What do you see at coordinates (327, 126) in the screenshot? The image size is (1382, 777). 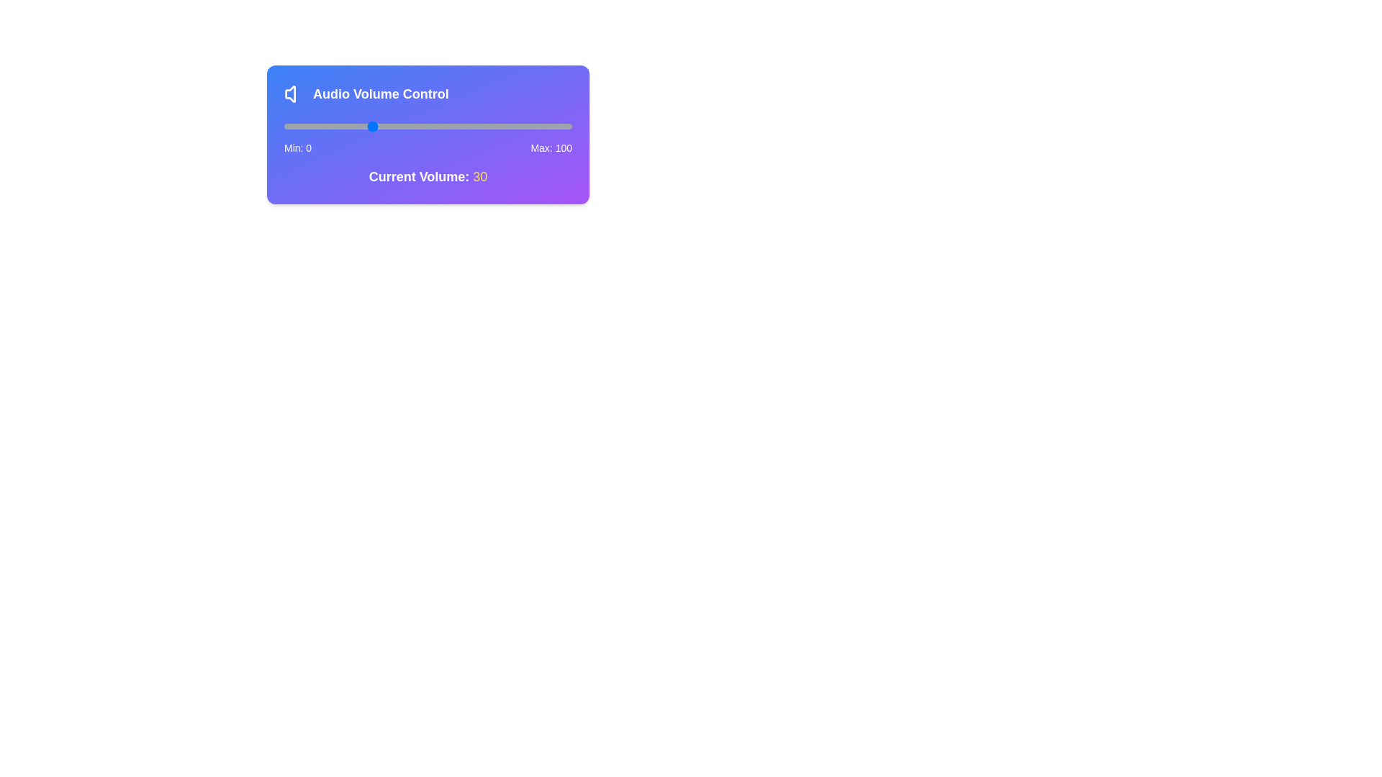 I see `the slider to set the volume to 15` at bounding box center [327, 126].